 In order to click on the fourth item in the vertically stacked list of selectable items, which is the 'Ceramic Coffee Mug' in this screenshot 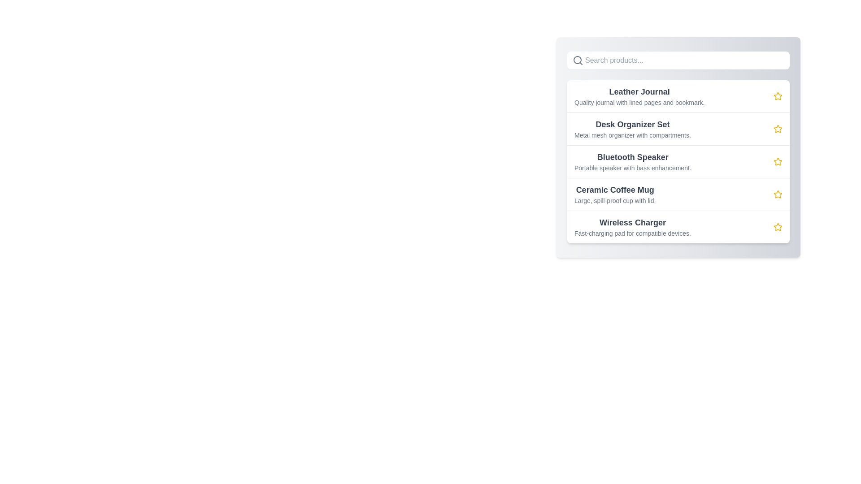, I will do `click(678, 193)`.